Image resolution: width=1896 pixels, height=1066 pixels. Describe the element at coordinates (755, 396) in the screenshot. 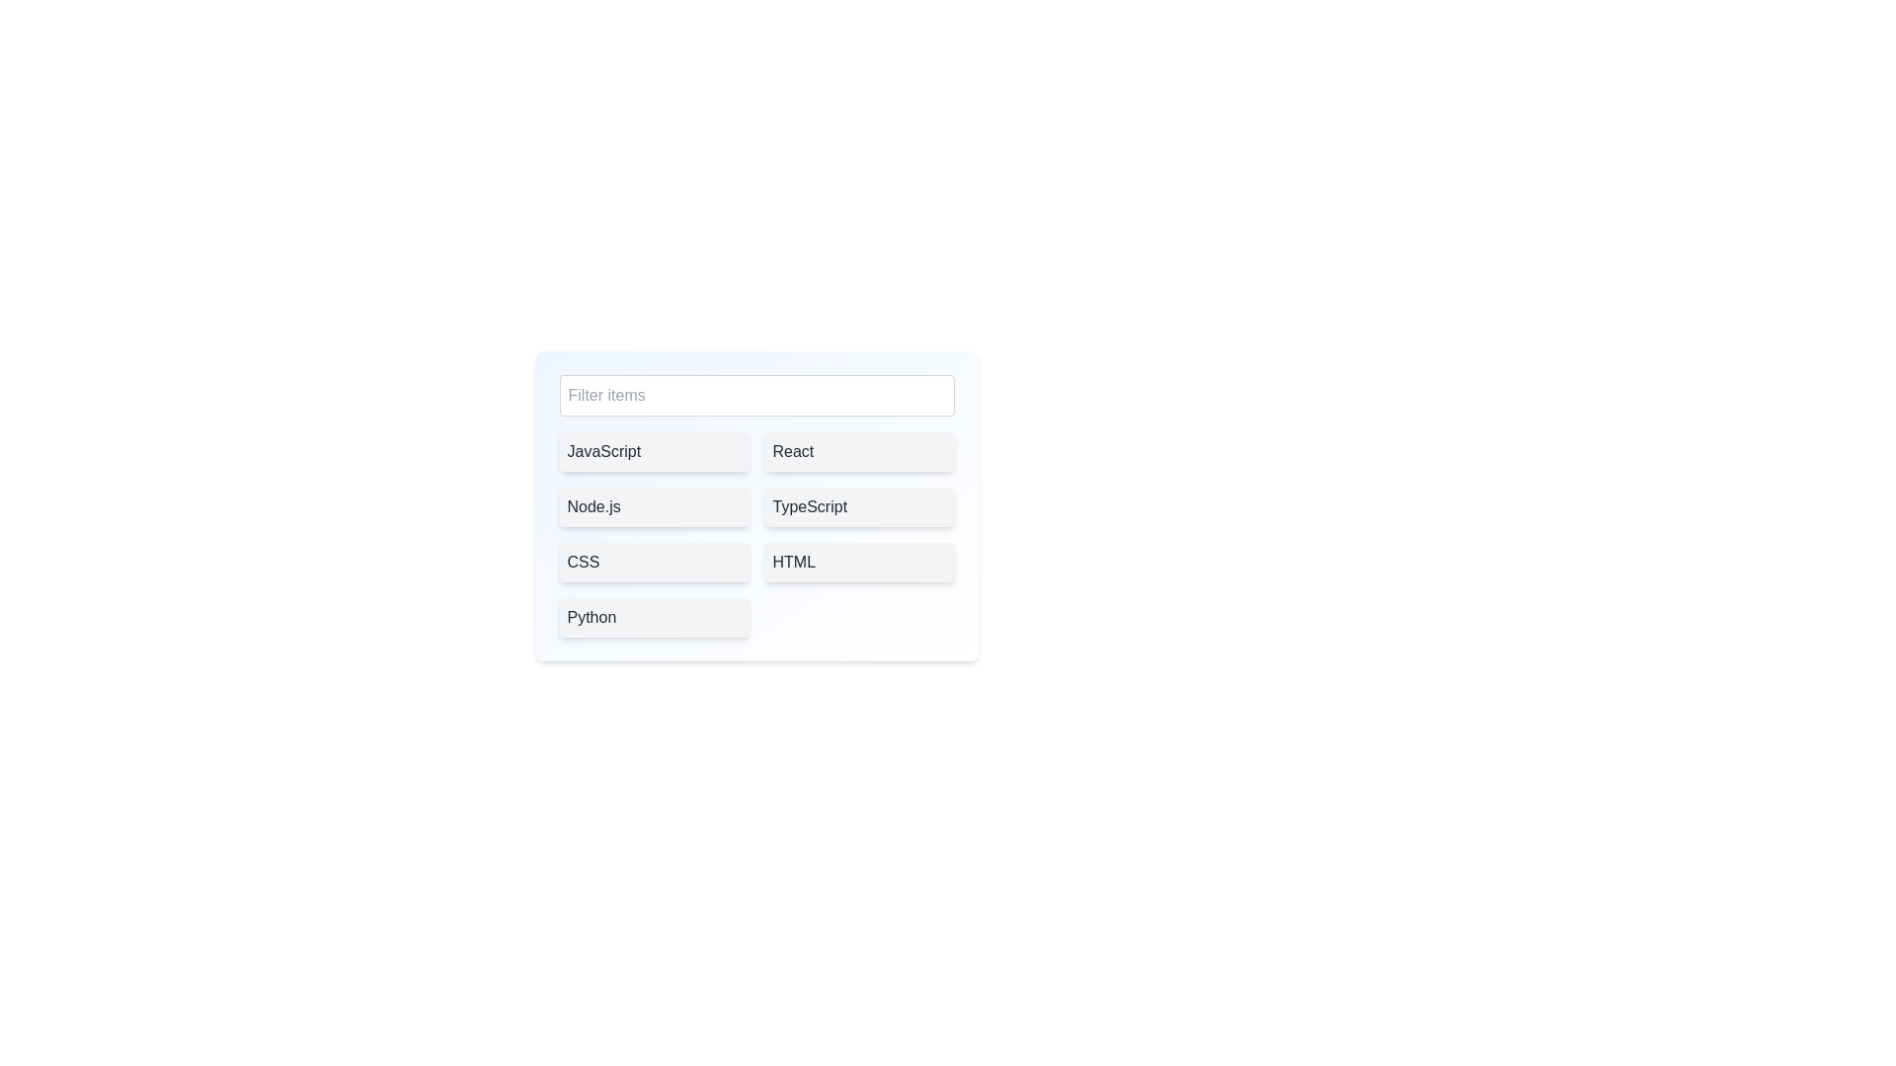

I see `the filter field and type 'JavaScript'` at that location.